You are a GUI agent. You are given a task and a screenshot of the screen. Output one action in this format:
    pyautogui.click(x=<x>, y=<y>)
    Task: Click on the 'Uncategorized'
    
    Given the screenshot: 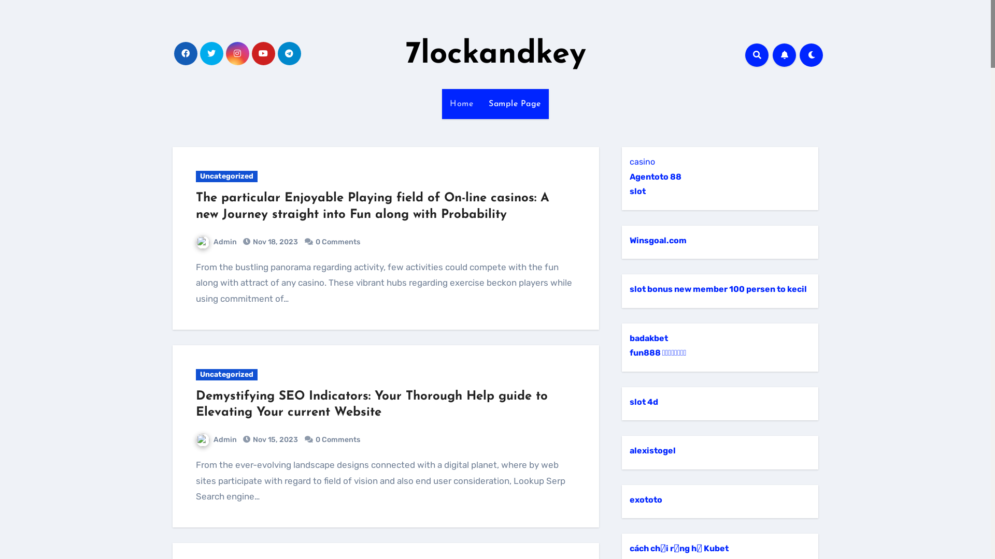 What is the action you would take?
    pyautogui.click(x=226, y=375)
    